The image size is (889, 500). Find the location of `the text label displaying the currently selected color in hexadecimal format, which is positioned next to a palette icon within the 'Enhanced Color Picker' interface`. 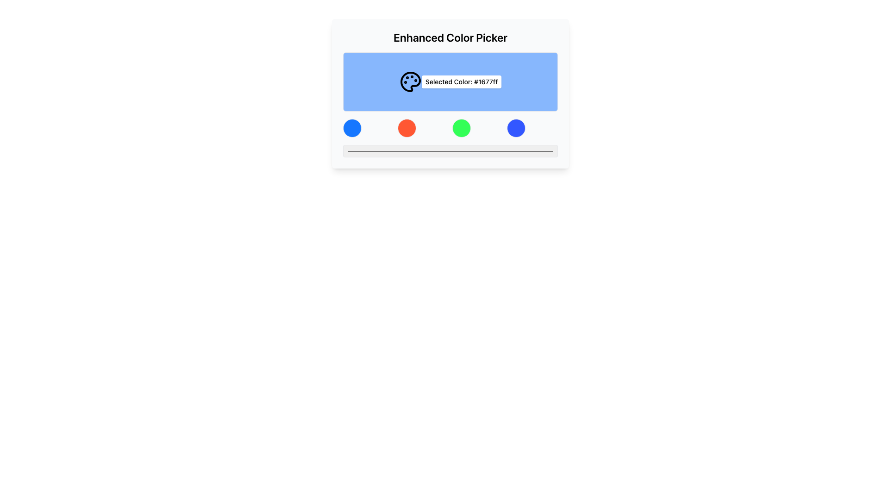

the text label displaying the currently selected color in hexadecimal format, which is positioned next to a palette icon within the 'Enhanced Color Picker' interface is located at coordinates (462, 81).